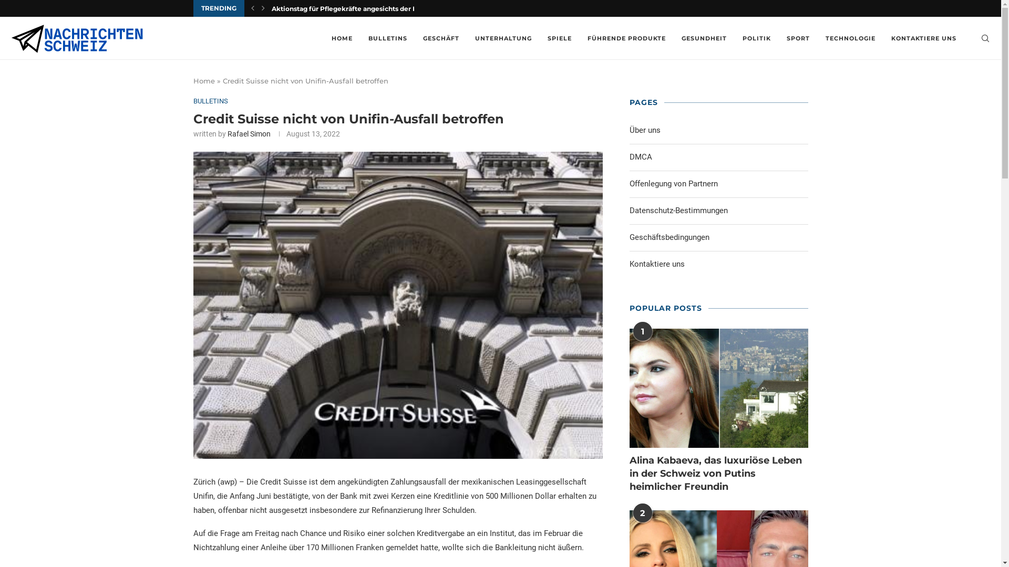 The width and height of the screenshot is (1009, 567). What do you see at coordinates (210, 101) in the screenshot?
I see `'BULLETINS'` at bounding box center [210, 101].